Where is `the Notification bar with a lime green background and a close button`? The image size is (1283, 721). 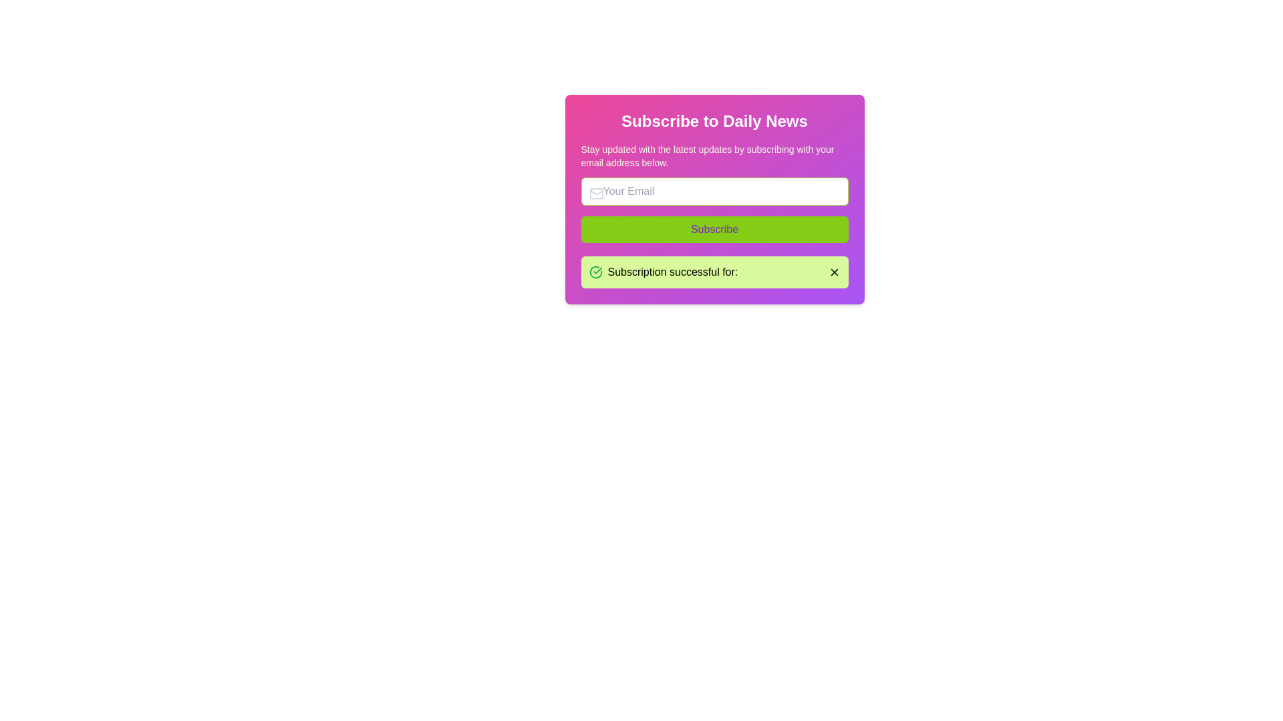
the Notification bar with a lime green background and a close button is located at coordinates (714, 272).